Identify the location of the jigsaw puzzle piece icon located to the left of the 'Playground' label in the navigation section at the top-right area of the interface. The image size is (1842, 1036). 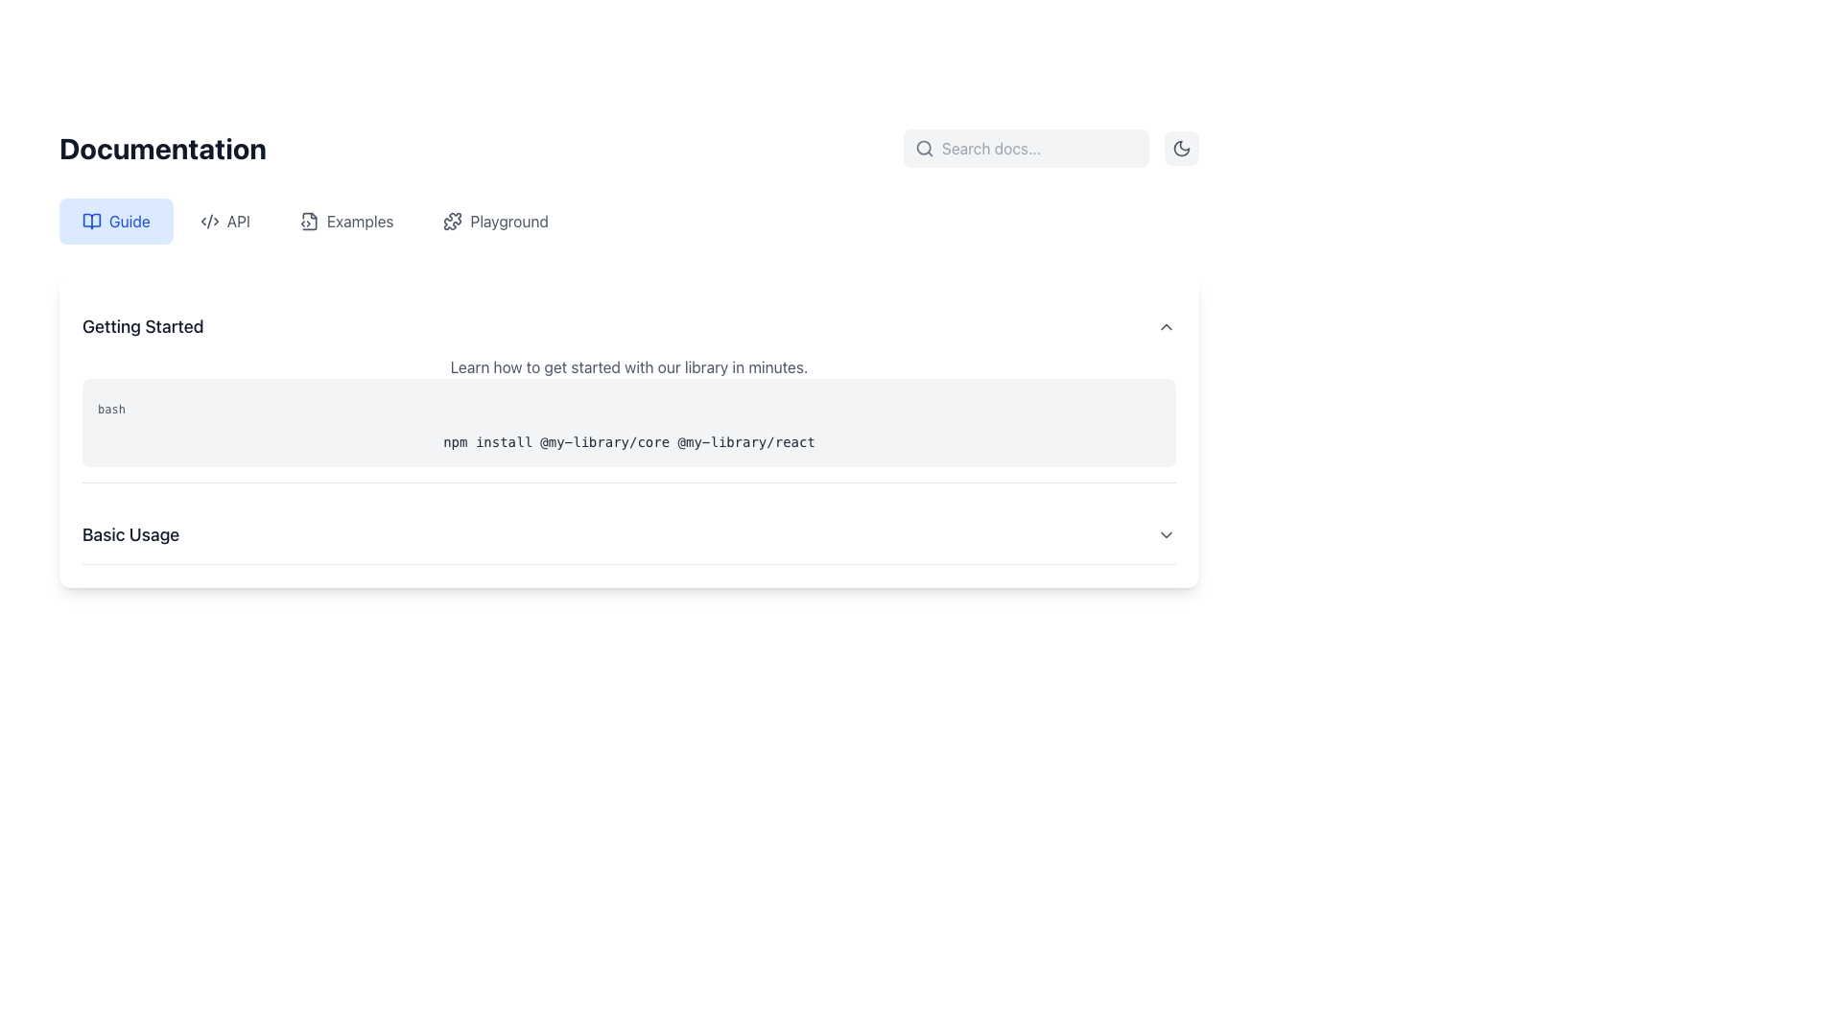
(452, 221).